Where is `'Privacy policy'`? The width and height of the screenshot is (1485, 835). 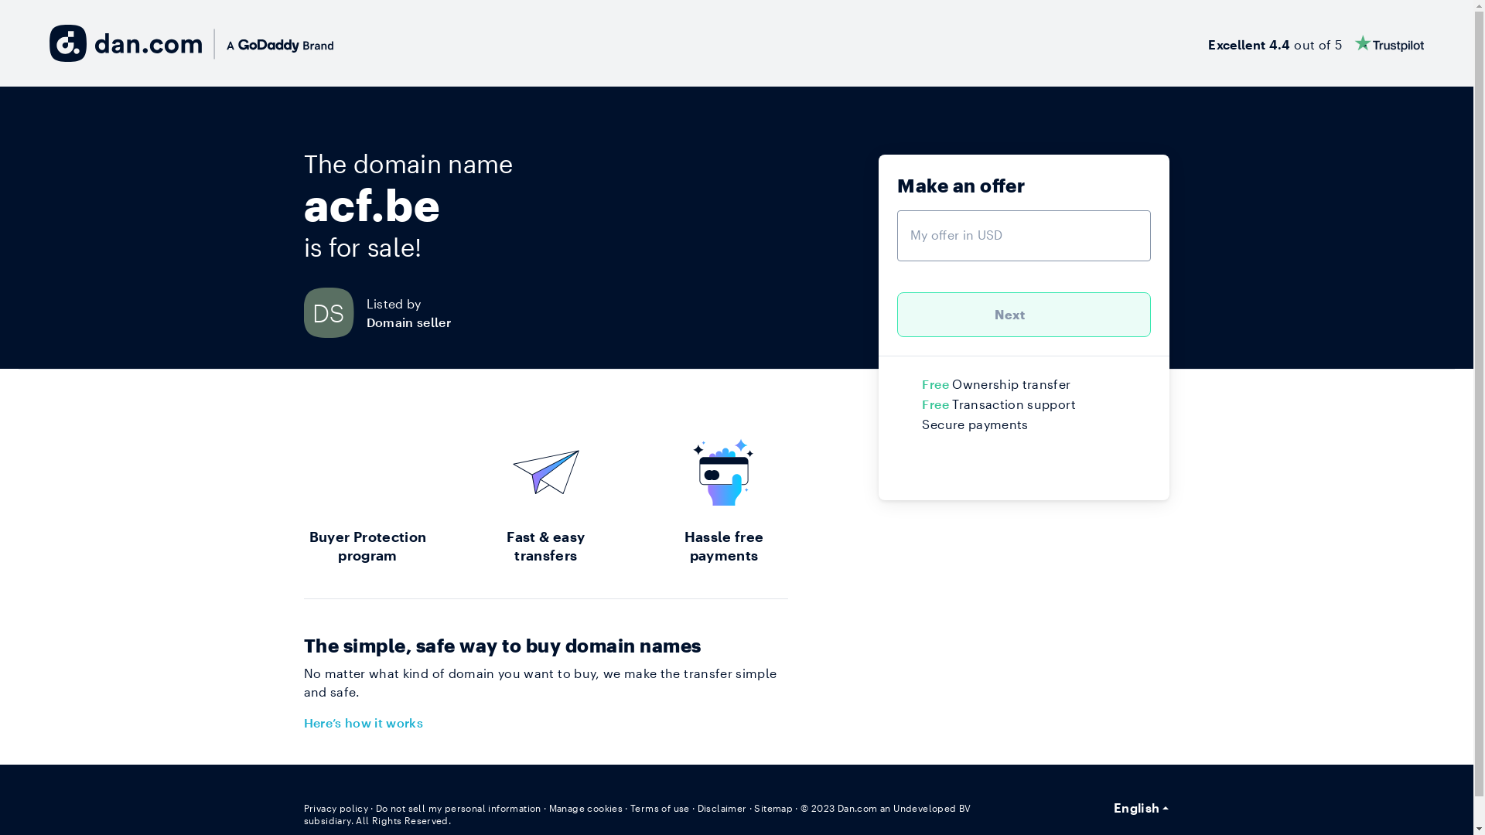 'Privacy policy' is located at coordinates (334, 807).